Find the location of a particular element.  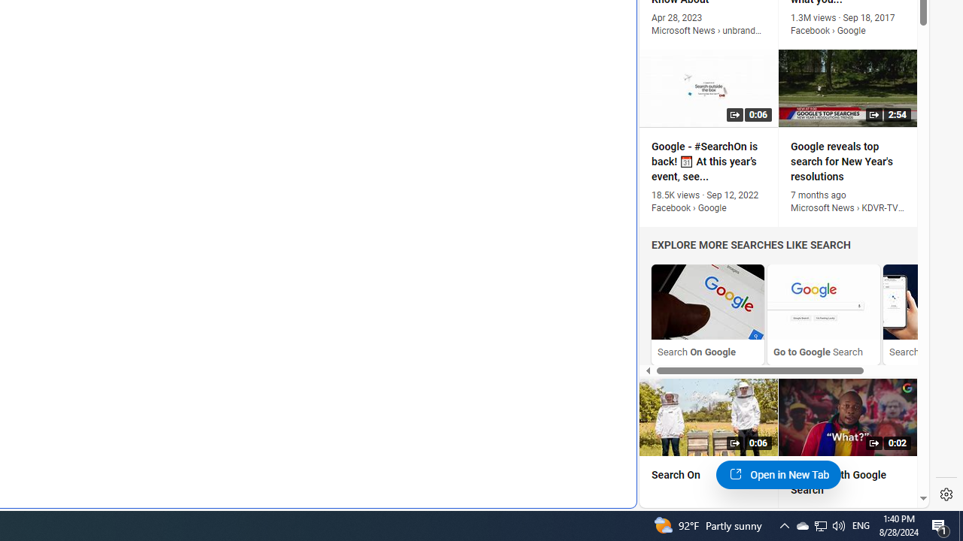

'Go to Google Search' is located at coordinates (823, 313).